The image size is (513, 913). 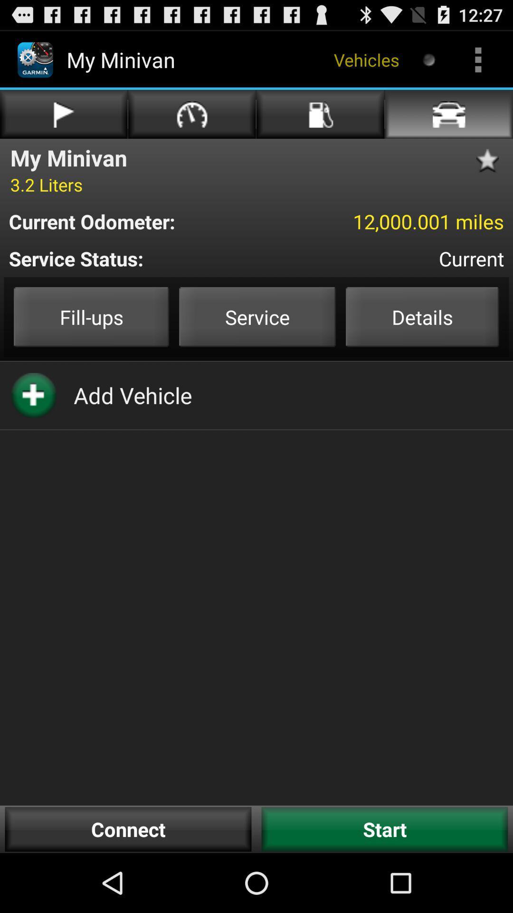 What do you see at coordinates (192, 114) in the screenshot?
I see `the second option in first row` at bounding box center [192, 114].